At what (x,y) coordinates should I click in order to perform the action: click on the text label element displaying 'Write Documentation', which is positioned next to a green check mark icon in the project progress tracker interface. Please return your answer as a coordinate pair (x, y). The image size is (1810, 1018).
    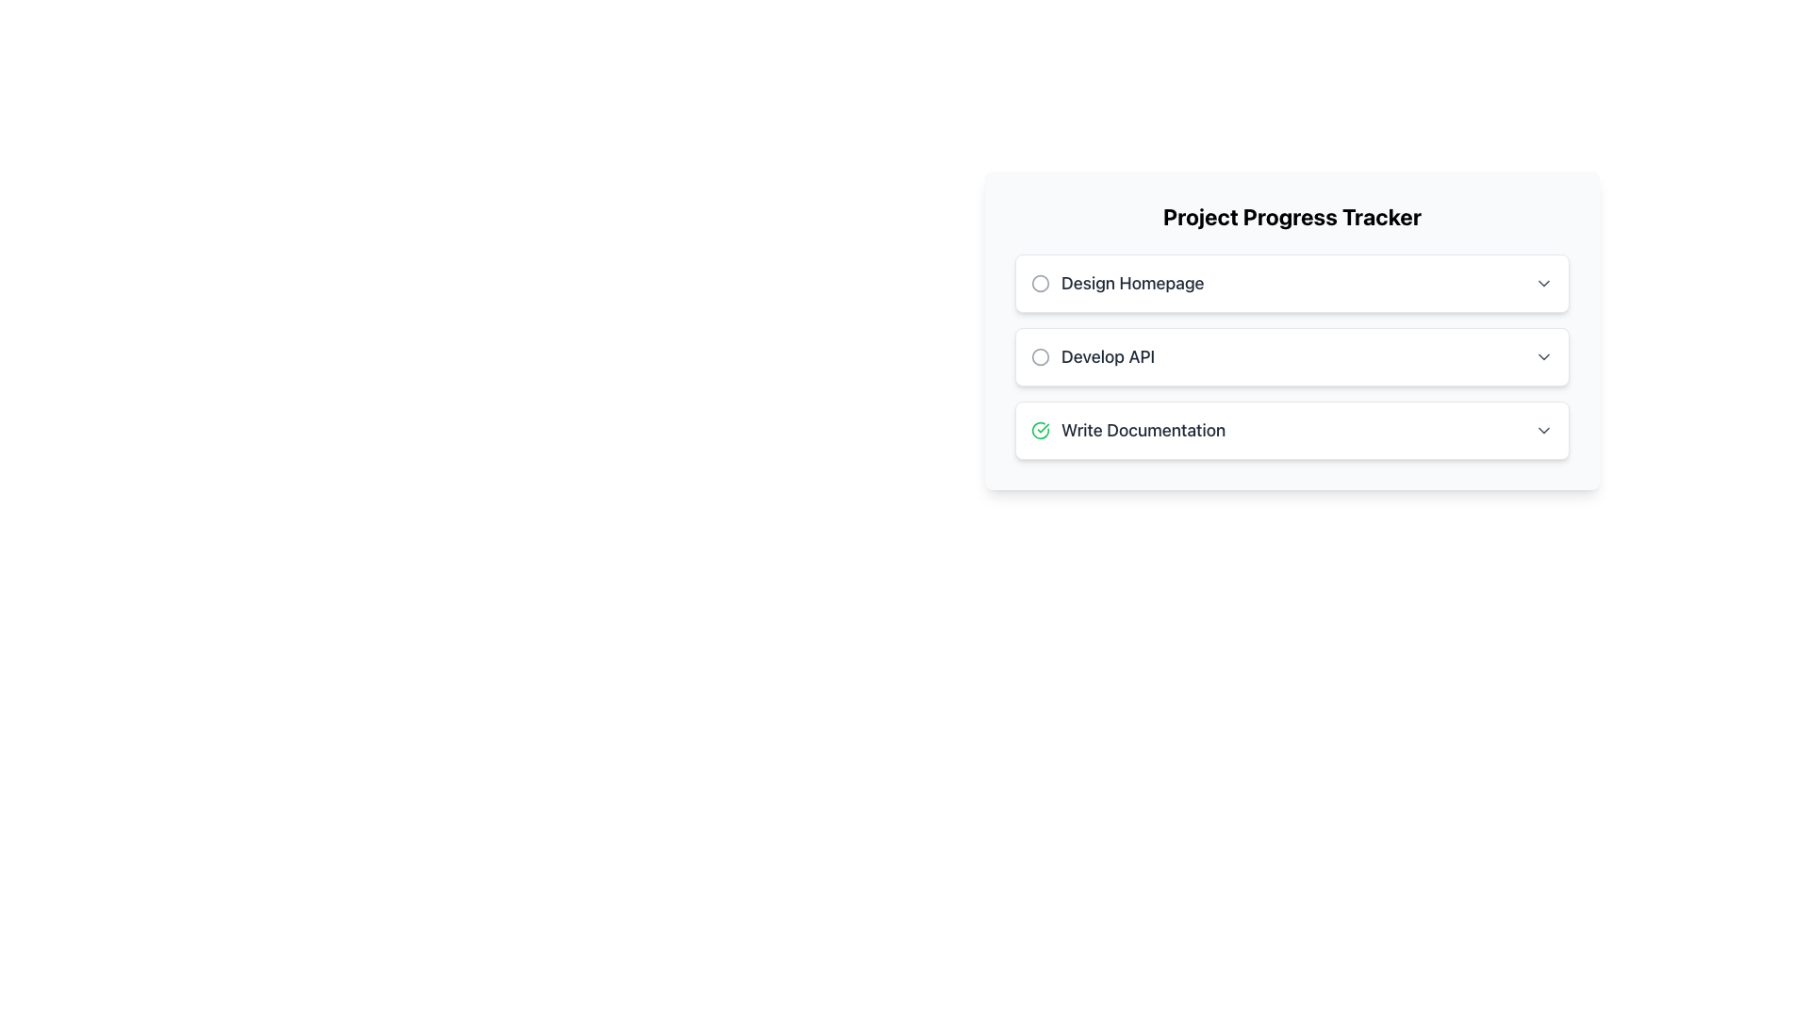
    Looking at the image, I should click on (1143, 430).